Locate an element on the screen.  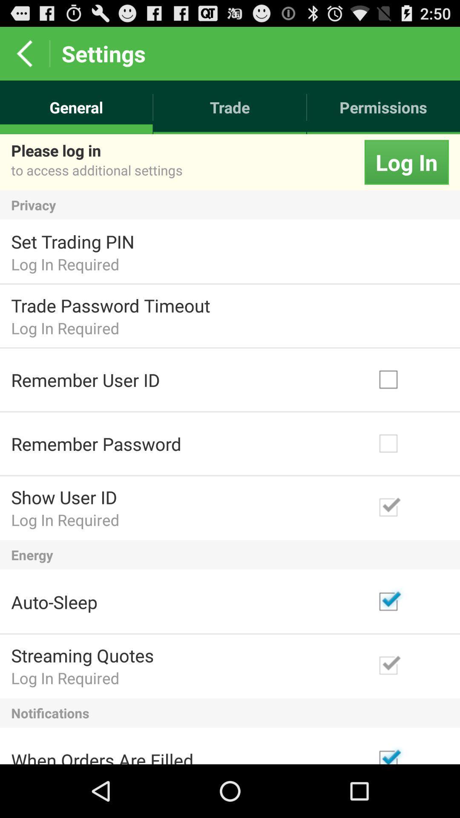
the icon above general icon is located at coordinates (24, 53).